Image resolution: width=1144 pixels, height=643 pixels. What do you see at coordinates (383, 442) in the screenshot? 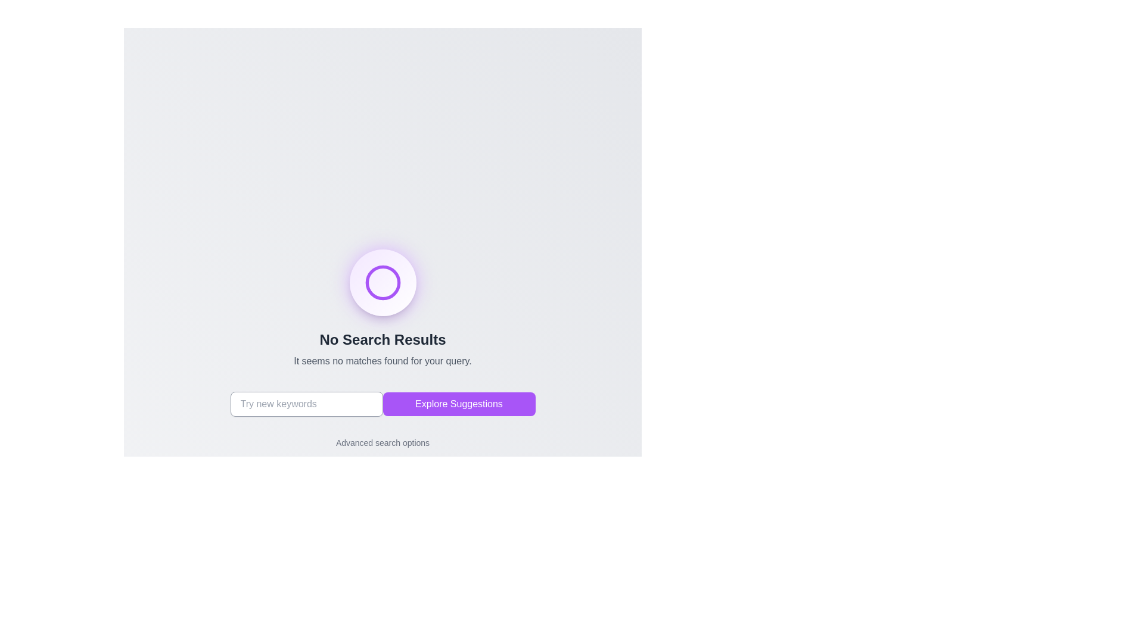
I see `the text link labeled 'Advanced search options'` at bounding box center [383, 442].